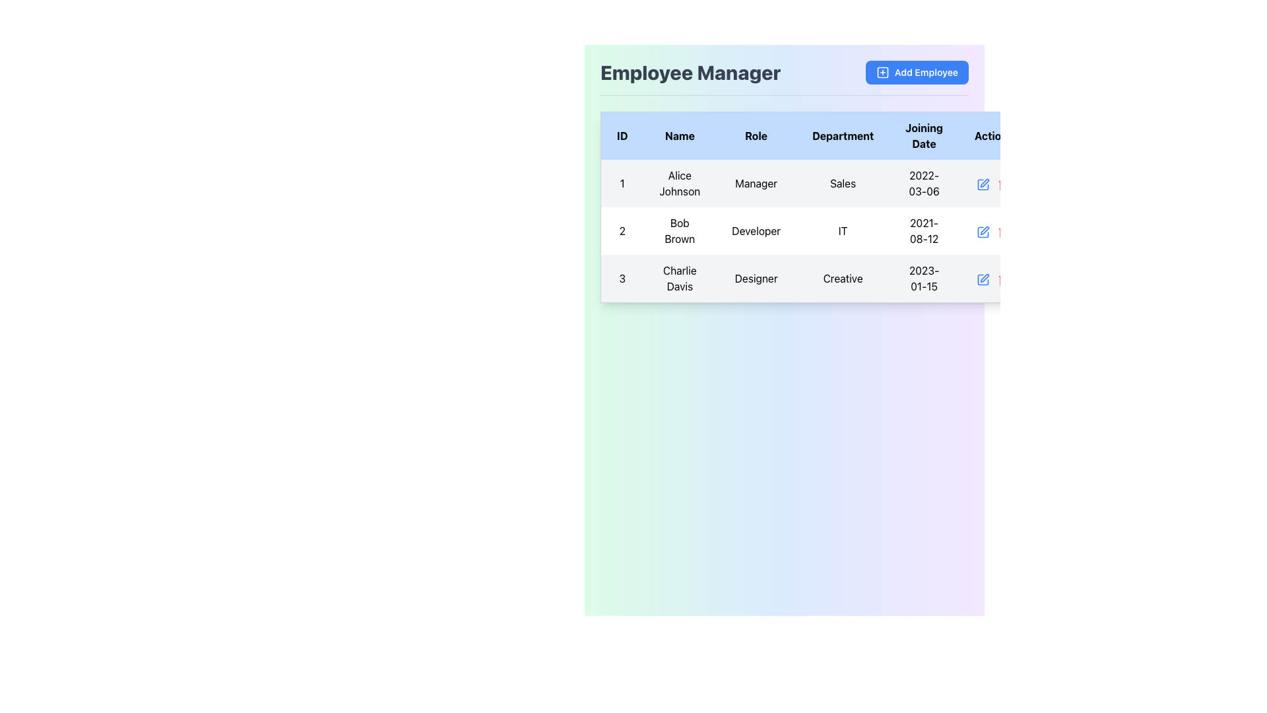 Image resolution: width=1267 pixels, height=713 pixels. What do you see at coordinates (983, 183) in the screenshot?
I see `the edit icon button in the 'Actions' column corresponding to the 'Alice Johnson' record` at bounding box center [983, 183].